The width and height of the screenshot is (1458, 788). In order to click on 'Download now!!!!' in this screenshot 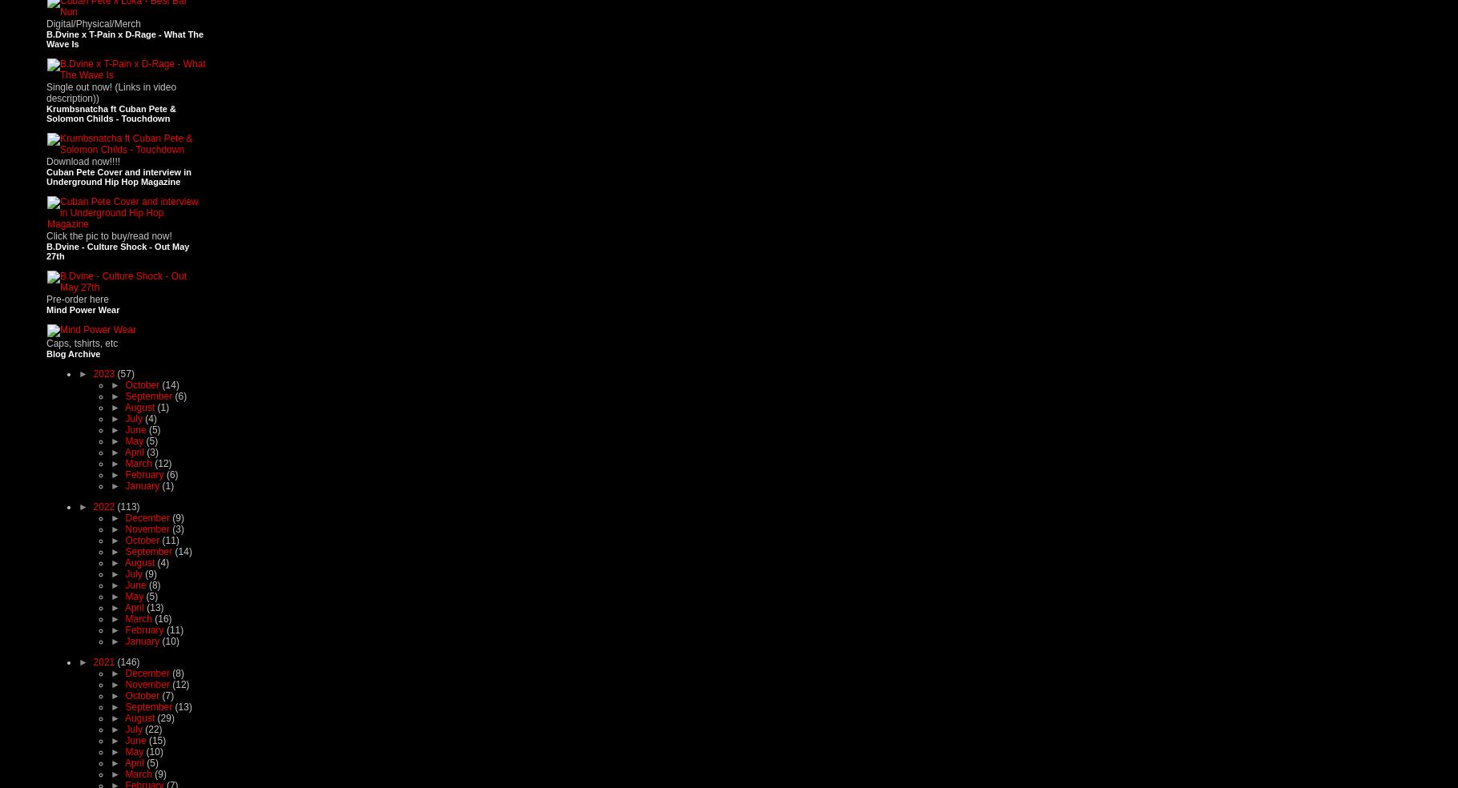, I will do `click(83, 162)`.